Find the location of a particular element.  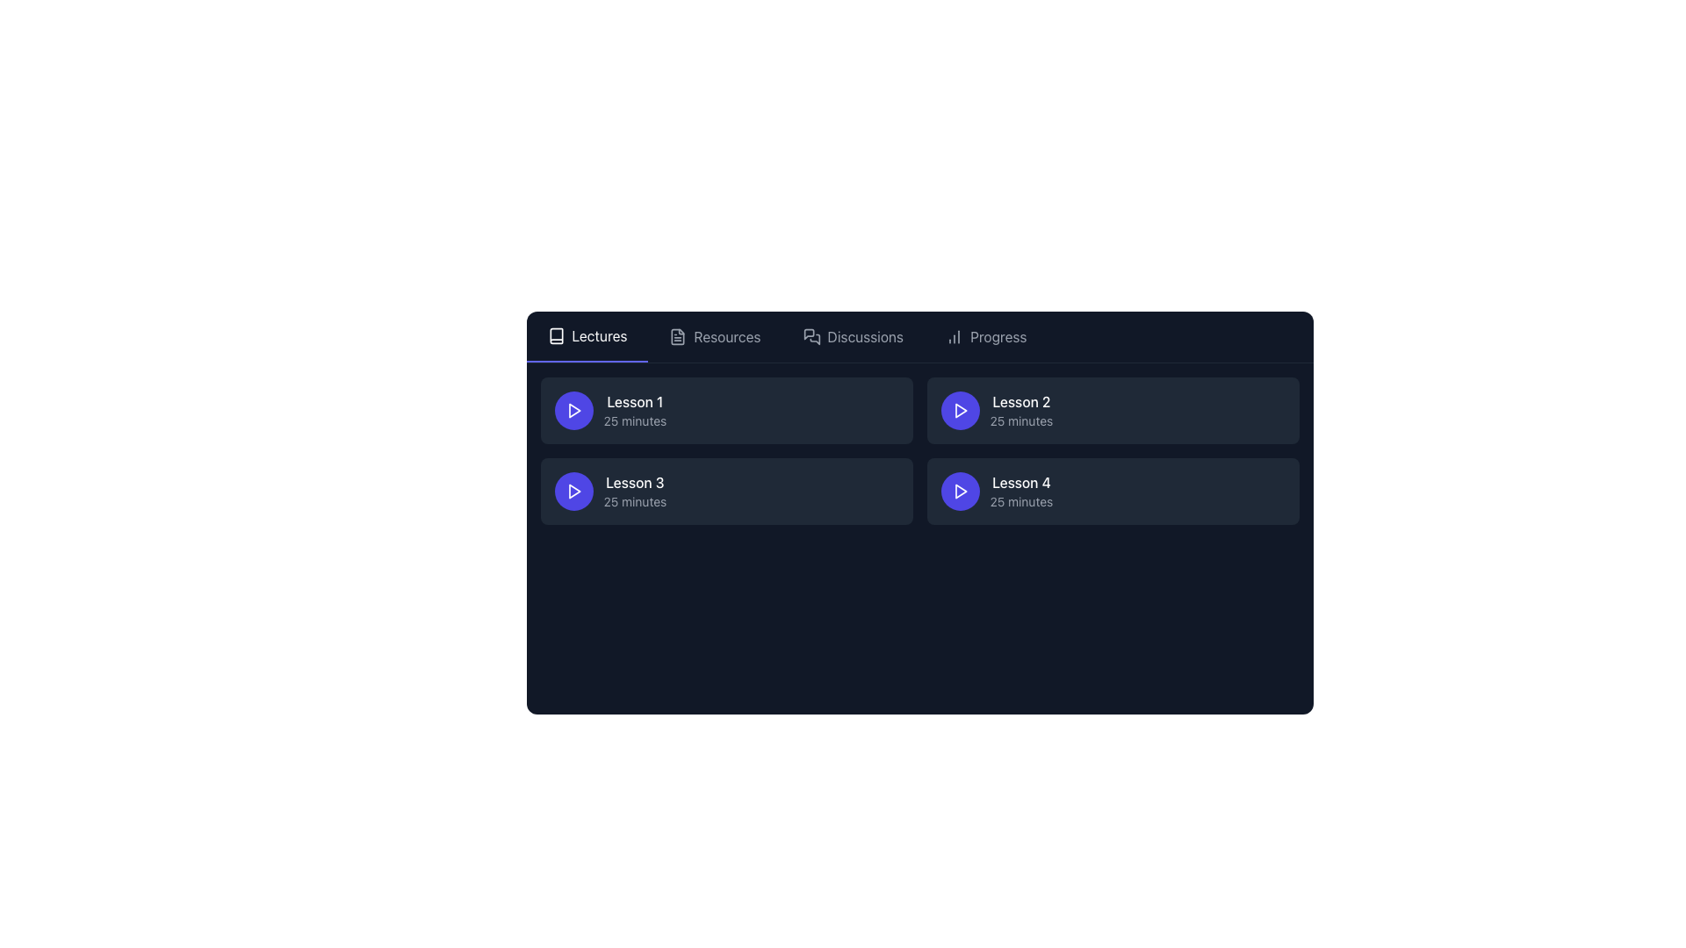

the play button icon located to the left of the text 'Lesson 3' is located at coordinates (574, 410).